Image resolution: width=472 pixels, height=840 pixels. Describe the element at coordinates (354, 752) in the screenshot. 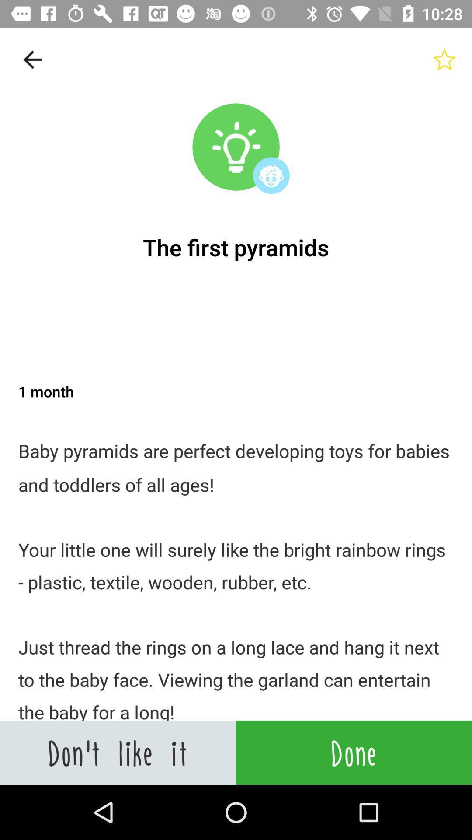

I see `icon to the right of the don t like` at that location.